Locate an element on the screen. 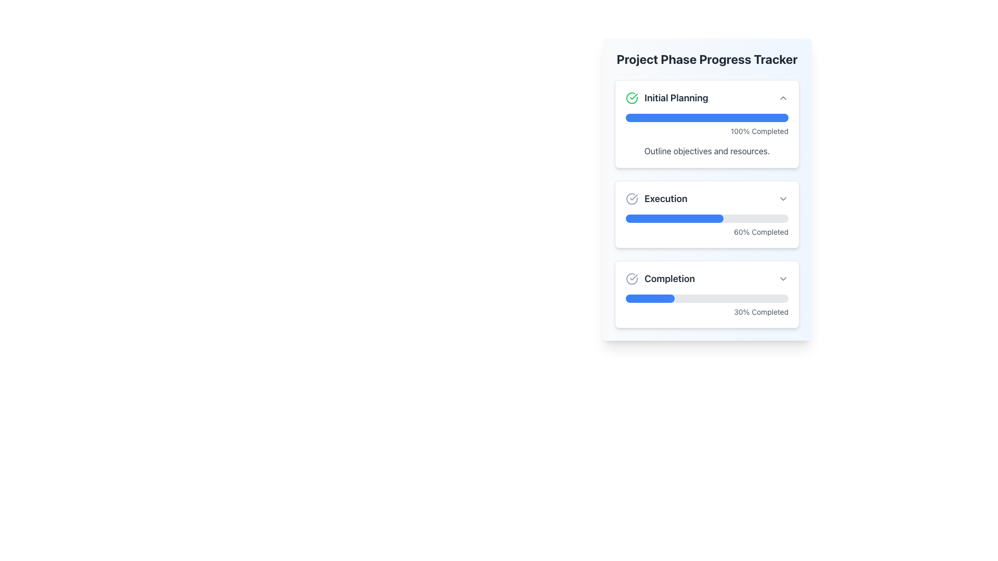 This screenshot has width=998, height=561. the small chevron-up icon in the 'Initial Planning' section of the 'Project Phase Progress Tracker' for visual feedback is located at coordinates (783, 98).